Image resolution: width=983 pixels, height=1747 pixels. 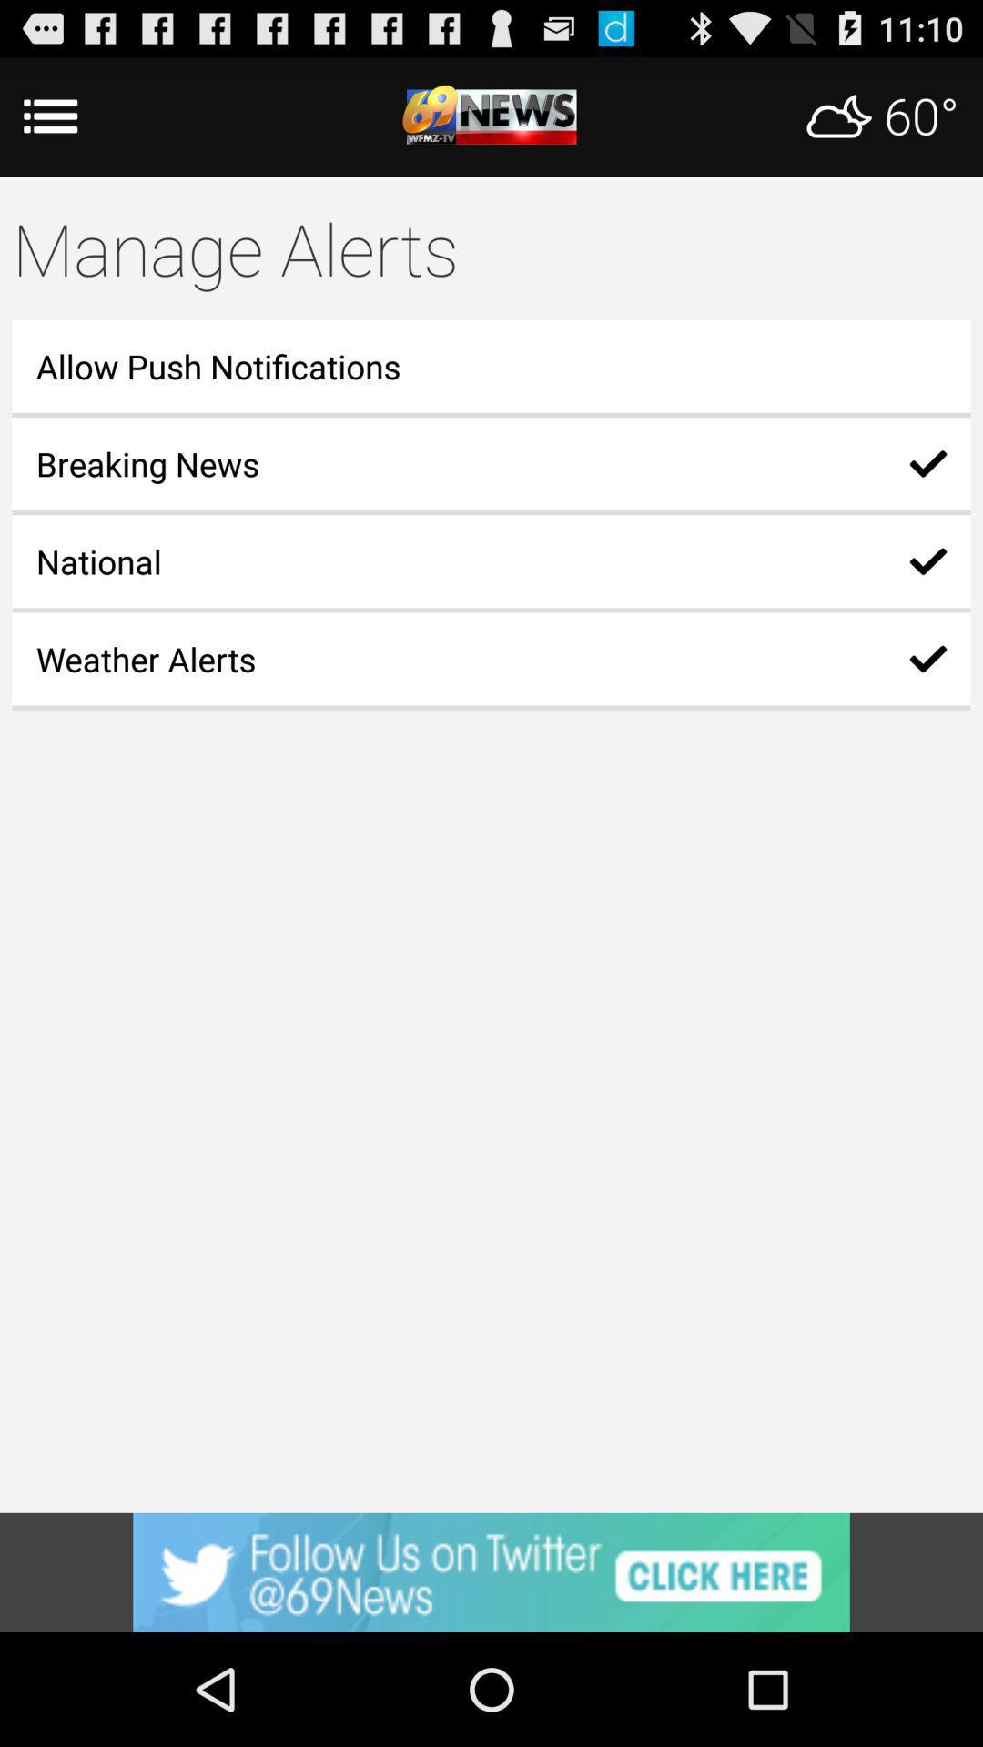 What do you see at coordinates (491, 1571) in the screenshot?
I see `advertisement` at bounding box center [491, 1571].